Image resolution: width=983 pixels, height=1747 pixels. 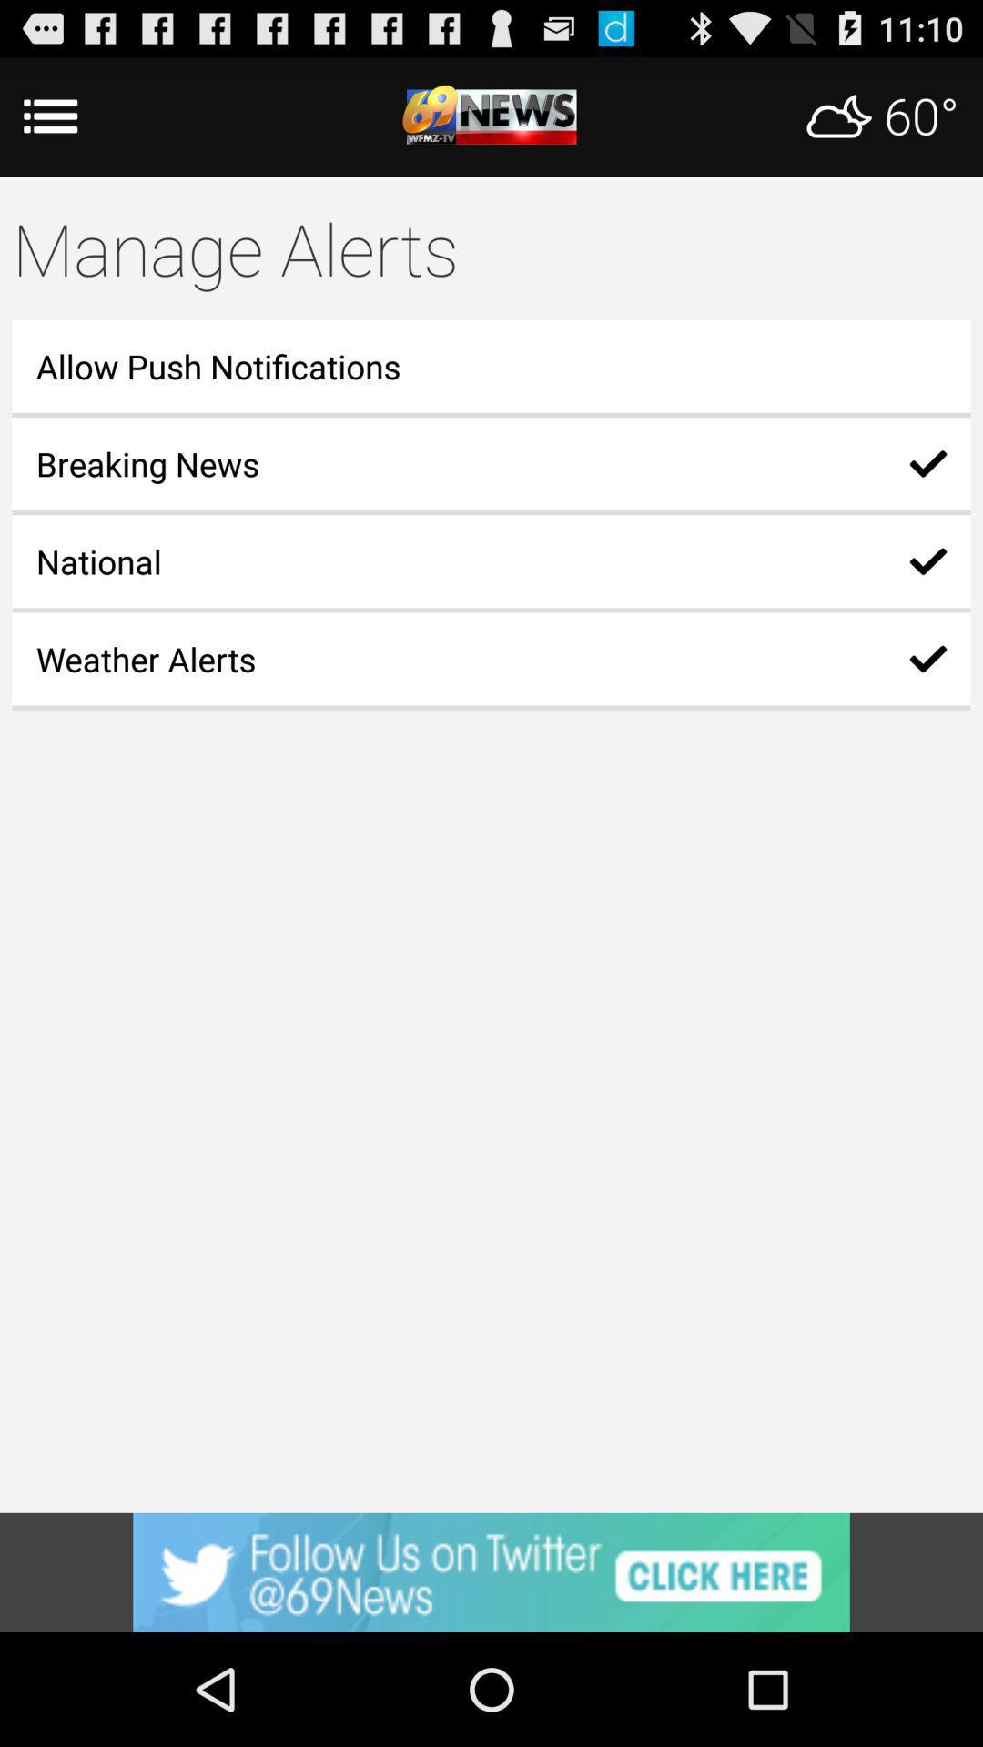 What do you see at coordinates (491, 1571) in the screenshot?
I see `advertisement` at bounding box center [491, 1571].